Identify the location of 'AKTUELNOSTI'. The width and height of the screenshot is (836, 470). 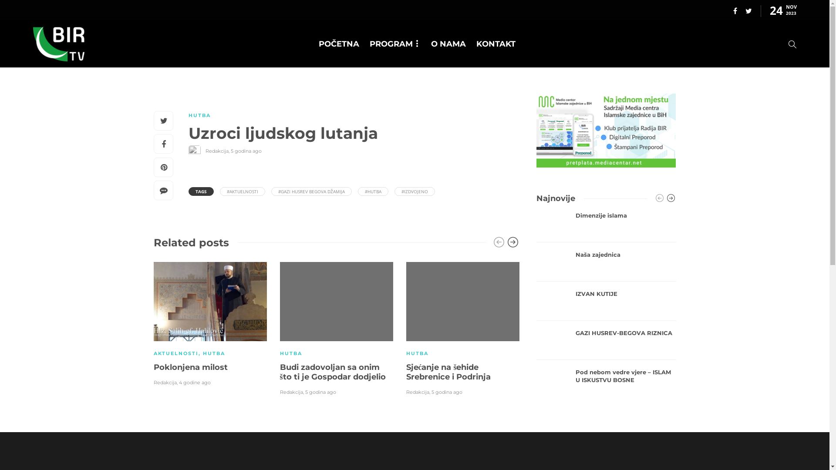
(175, 353).